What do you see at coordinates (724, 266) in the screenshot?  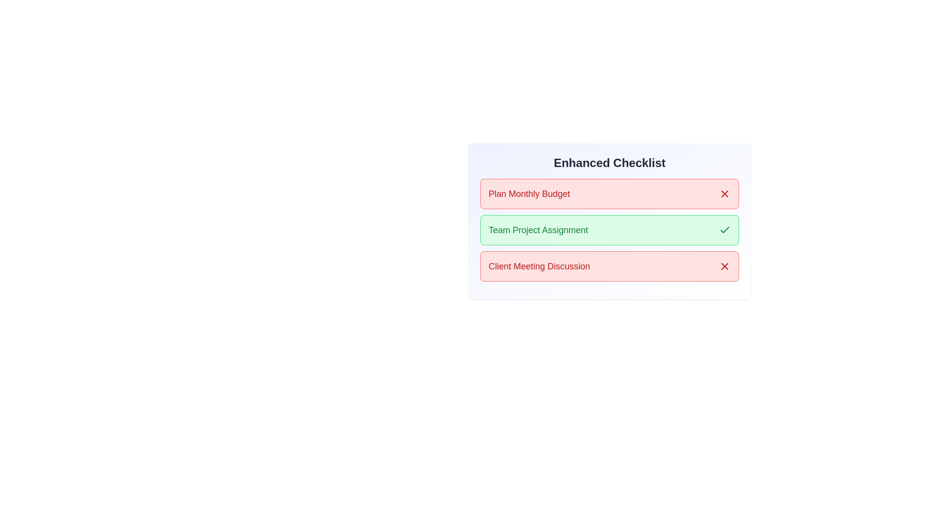 I see `the small red 'X' icon located on the far right of the 'Client Meeting Discussion' item for additional visual feedback` at bounding box center [724, 266].